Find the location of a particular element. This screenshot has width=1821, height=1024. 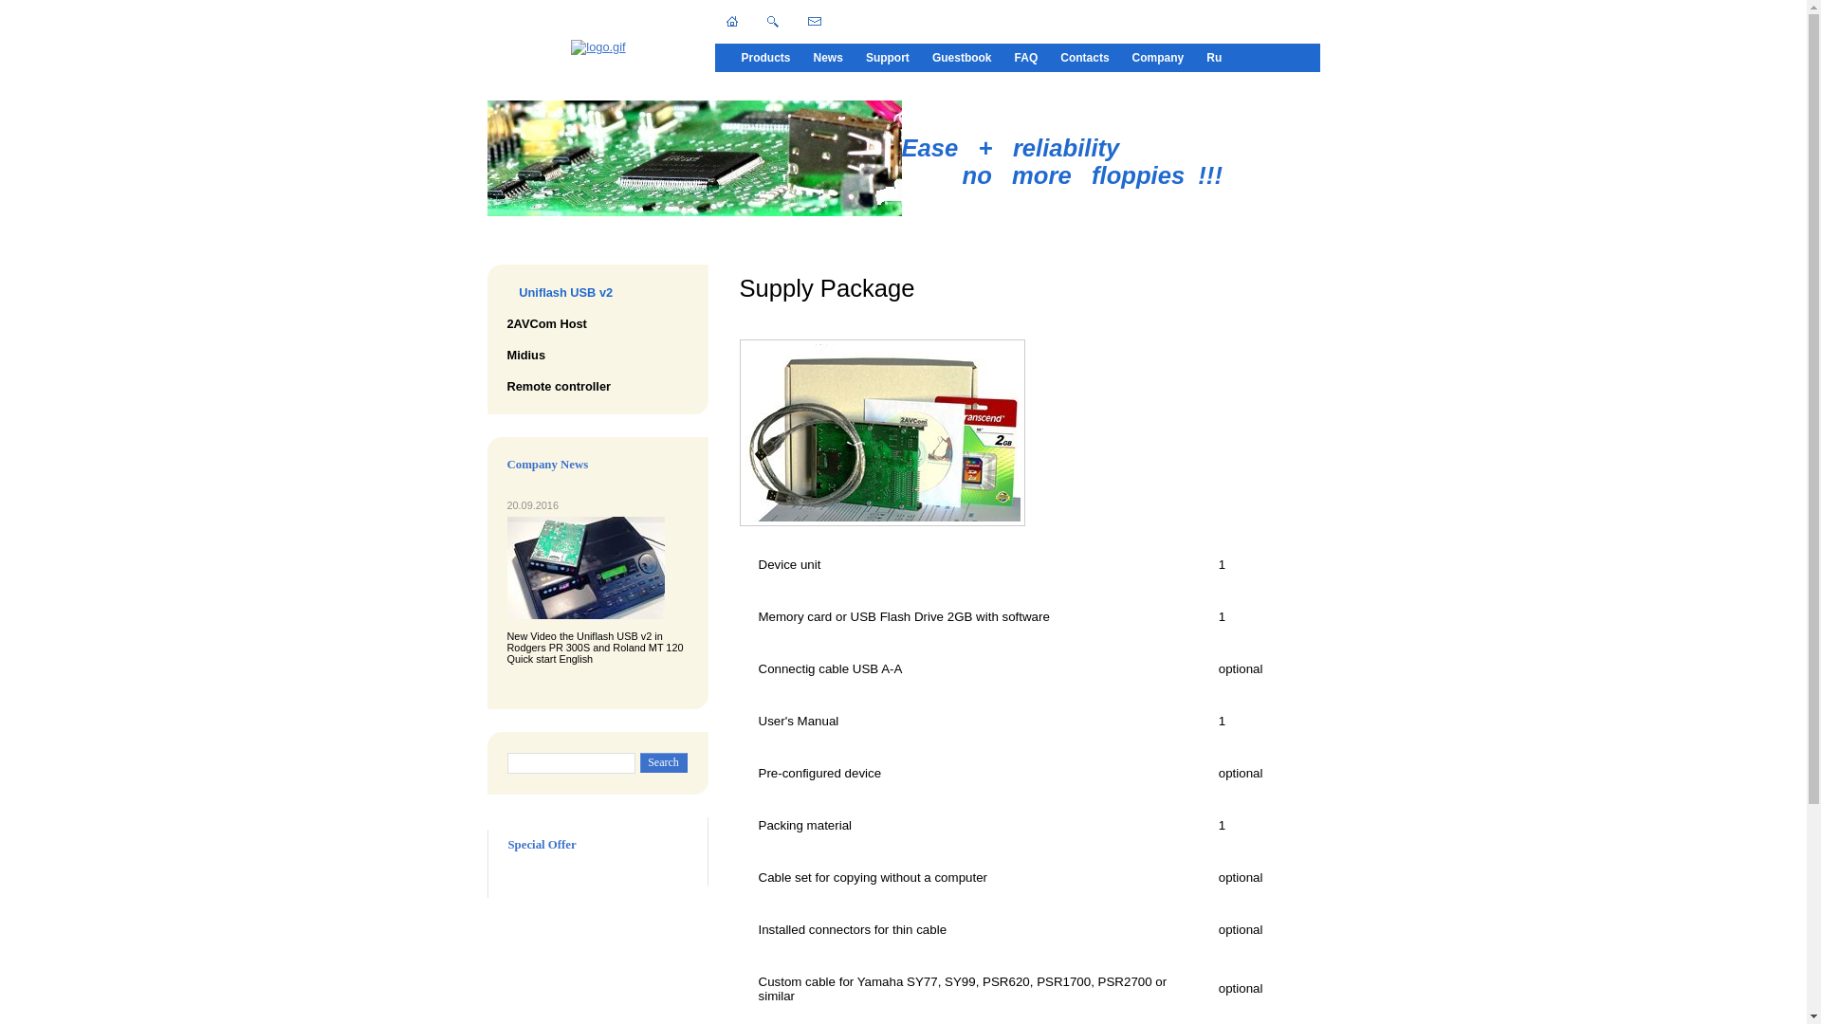

'Roland_mt120s.jpg' is located at coordinates (584, 566).